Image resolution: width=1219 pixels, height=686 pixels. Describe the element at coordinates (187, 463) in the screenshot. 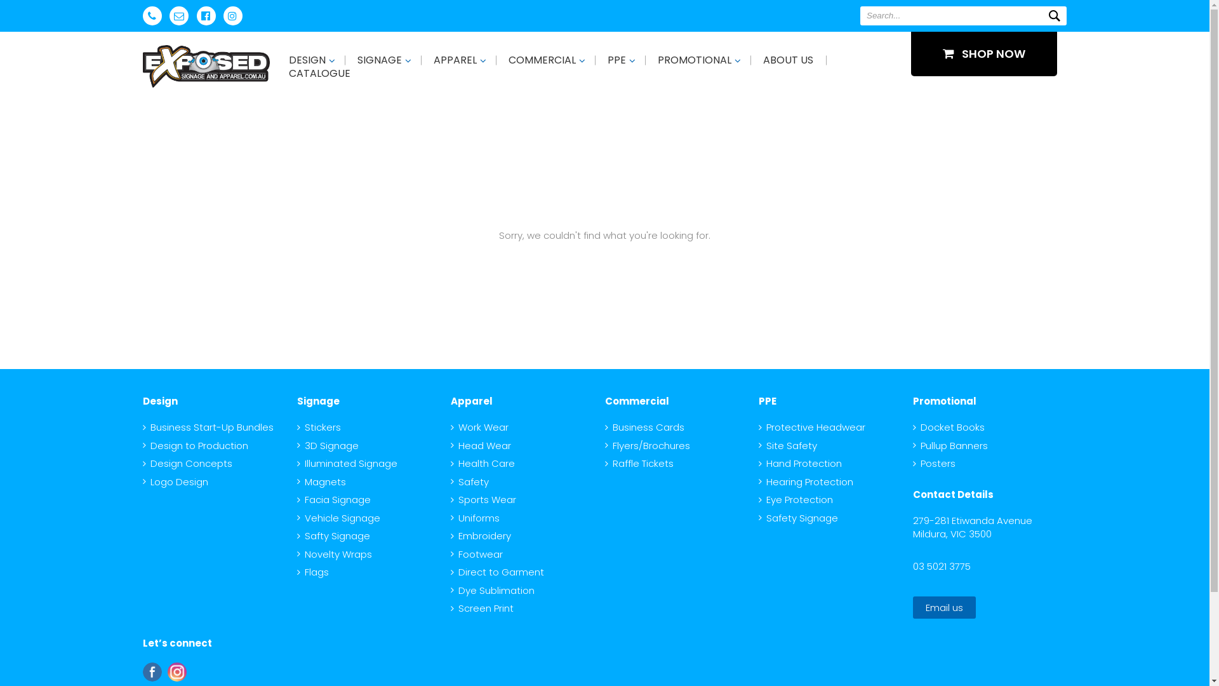

I see `'Design Concepts'` at that location.